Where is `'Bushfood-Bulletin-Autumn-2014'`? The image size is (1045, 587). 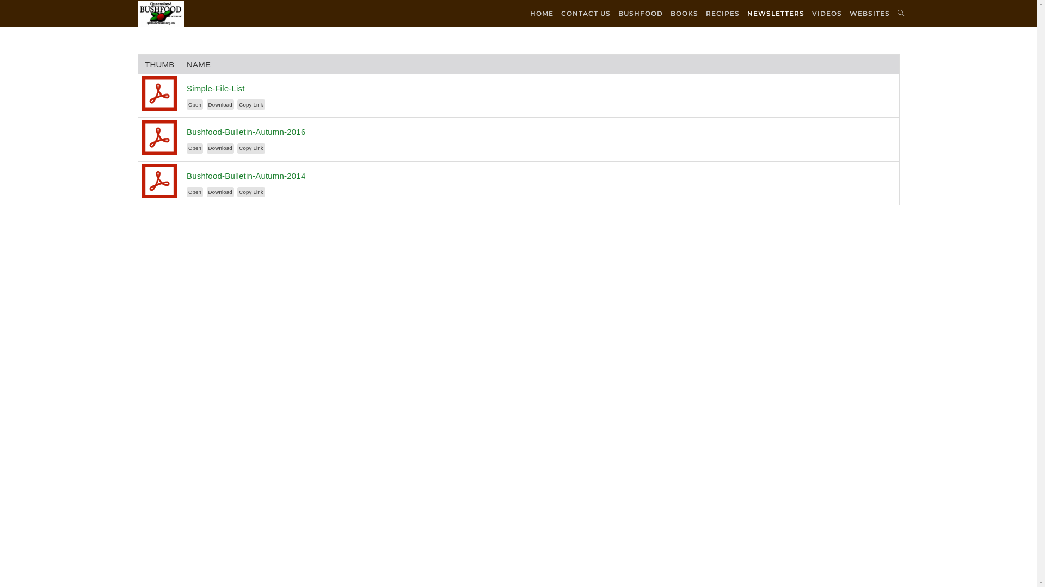
'Bushfood-Bulletin-Autumn-2014' is located at coordinates (186, 175).